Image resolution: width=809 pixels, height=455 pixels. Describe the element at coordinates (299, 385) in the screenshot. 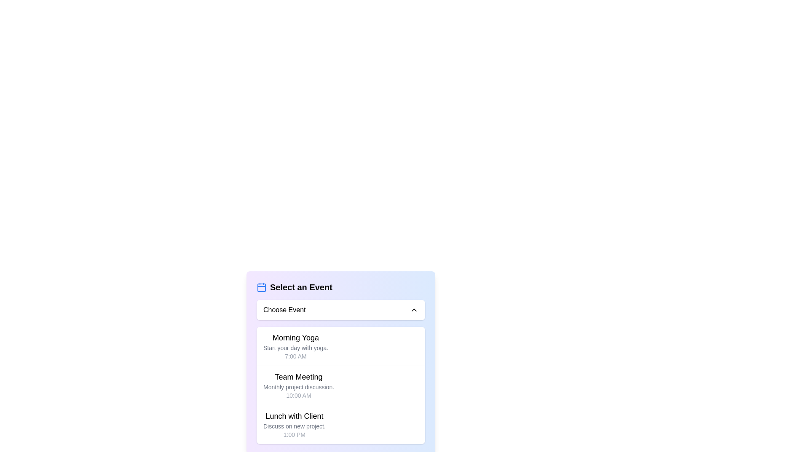

I see `the list item titled 'Team Meeting'` at that location.